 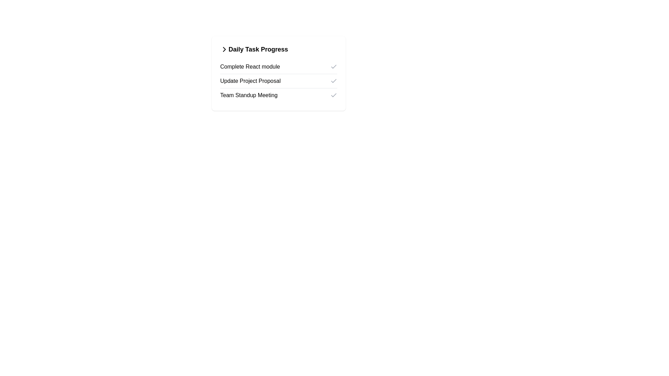 What do you see at coordinates (279, 49) in the screenshot?
I see `the heading with an interactive indicator at the top of the task card` at bounding box center [279, 49].